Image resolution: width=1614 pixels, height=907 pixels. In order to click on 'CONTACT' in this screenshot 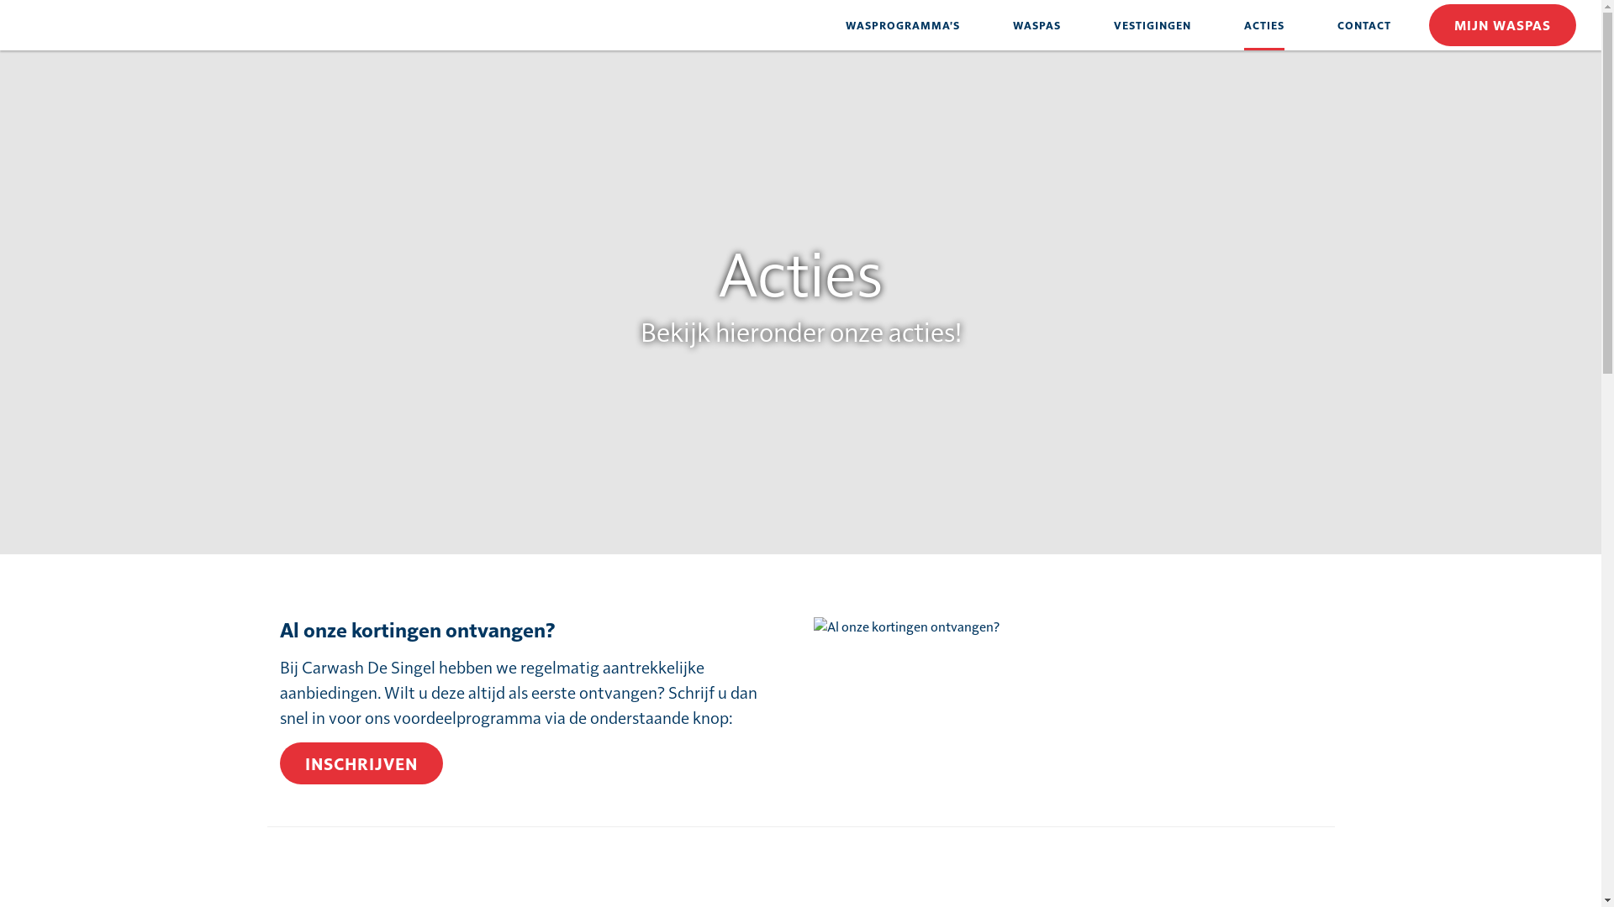, I will do `click(1363, 25)`.